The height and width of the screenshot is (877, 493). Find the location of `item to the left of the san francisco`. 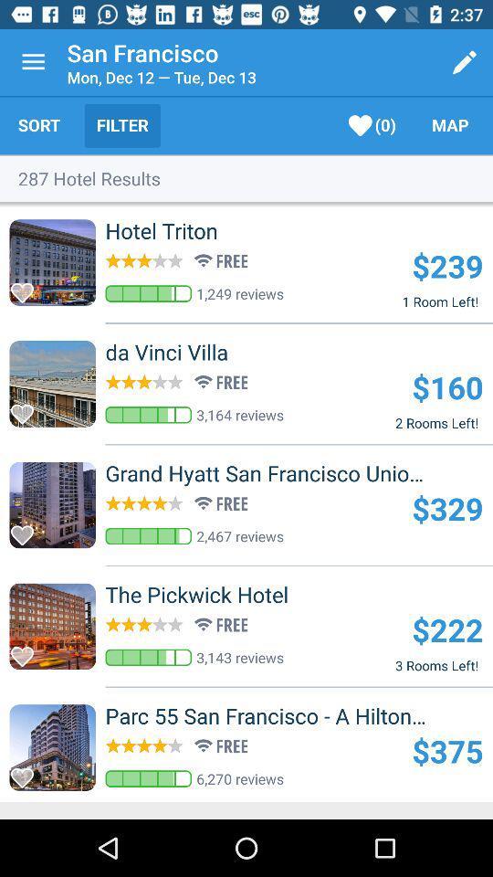

item to the left of the san francisco is located at coordinates (33, 62).